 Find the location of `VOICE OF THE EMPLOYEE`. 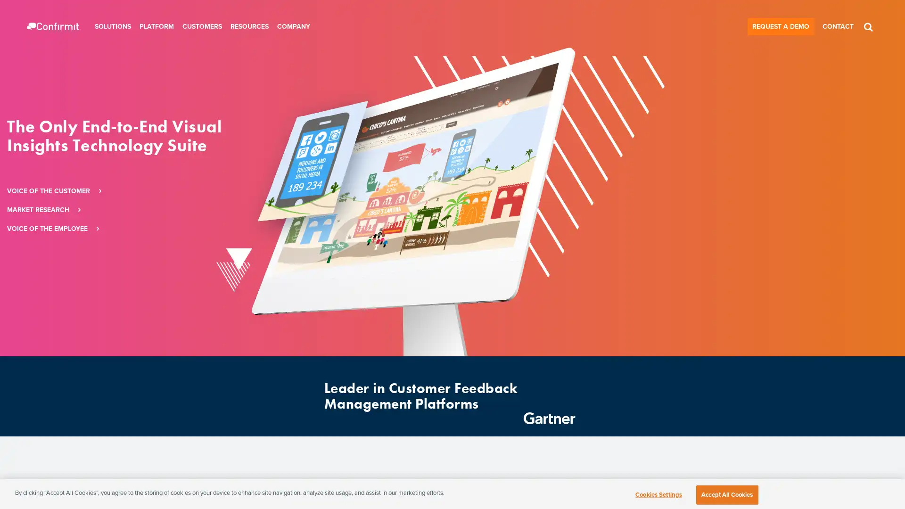

VOICE OF THE EMPLOYEE is located at coordinates (230, 229).